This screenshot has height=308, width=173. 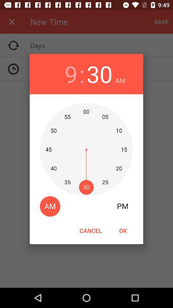 What do you see at coordinates (123, 230) in the screenshot?
I see `ok icon` at bounding box center [123, 230].